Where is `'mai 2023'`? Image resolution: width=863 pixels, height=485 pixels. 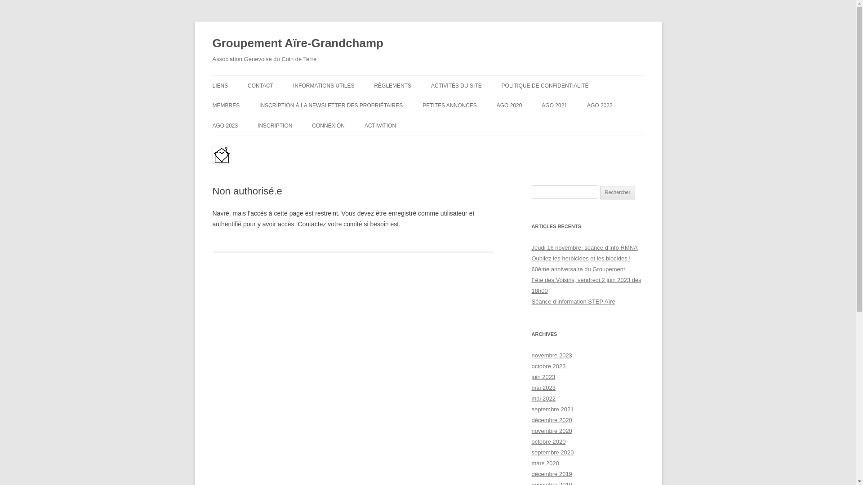 'mai 2023' is located at coordinates (543, 387).